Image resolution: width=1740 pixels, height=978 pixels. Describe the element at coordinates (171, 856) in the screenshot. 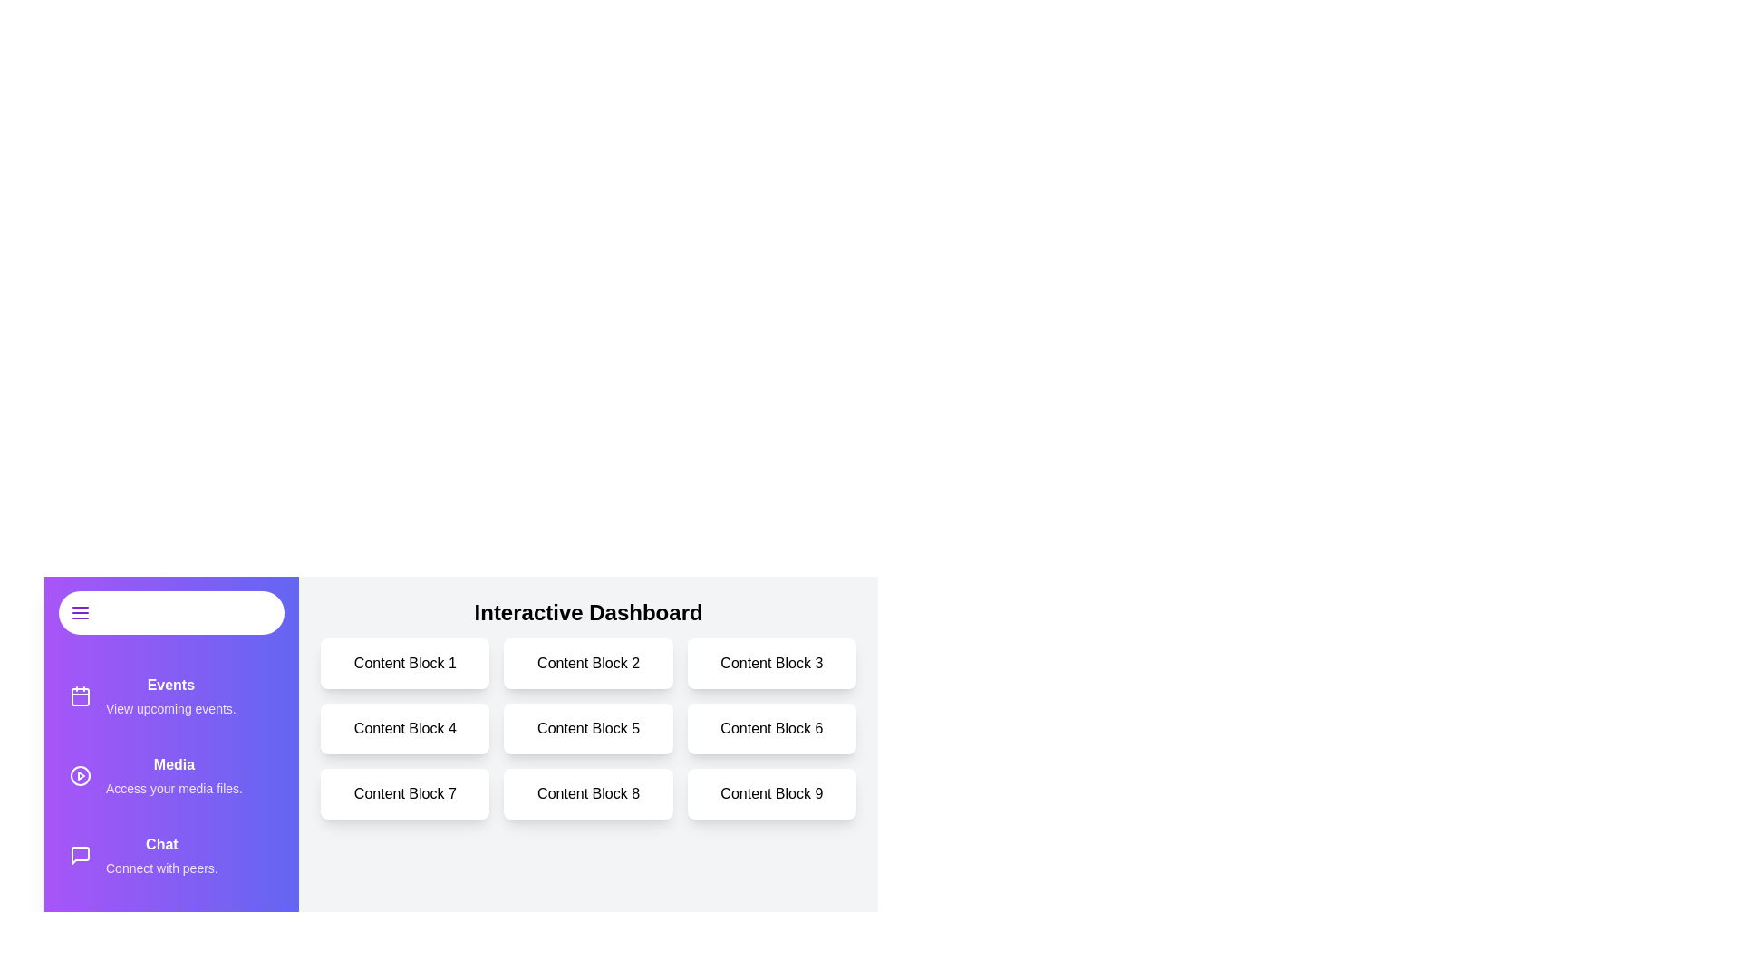

I see `the drawer item labeled 'Chat' to observe its hover effect` at that location.